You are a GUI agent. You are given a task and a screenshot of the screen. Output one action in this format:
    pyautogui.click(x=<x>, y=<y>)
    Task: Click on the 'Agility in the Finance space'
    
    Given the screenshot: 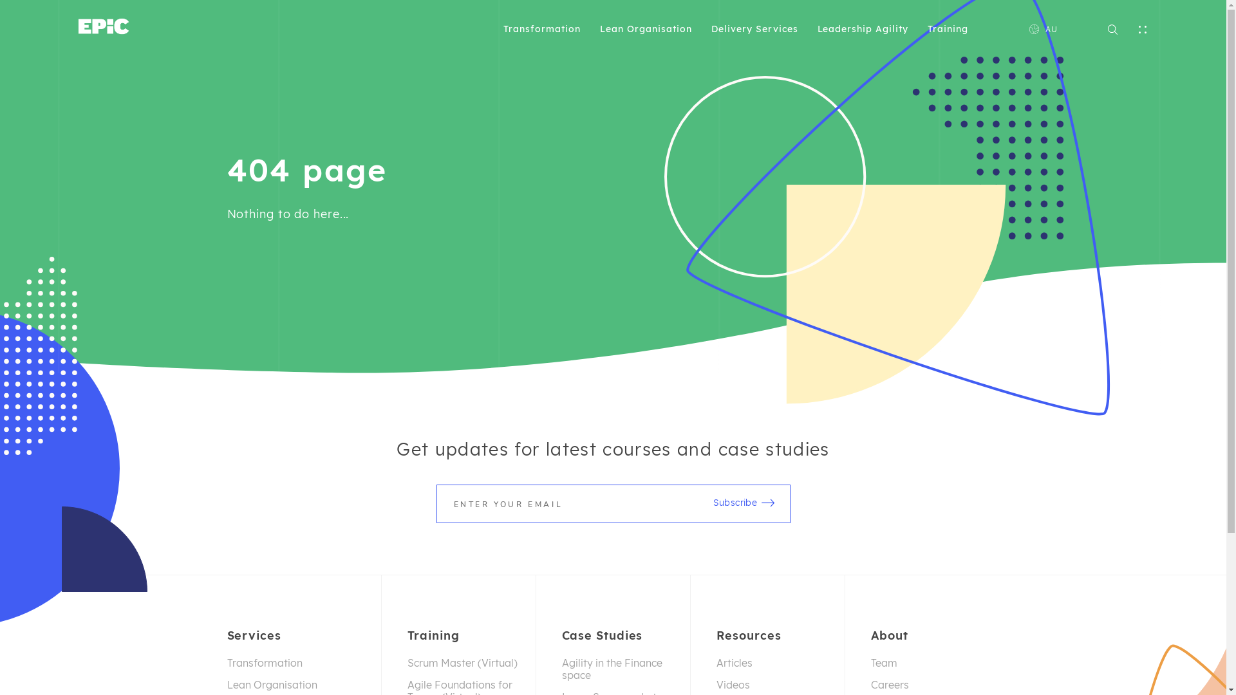 What is the action you would take?
    pyautogui.click(x=623, y=669)
    